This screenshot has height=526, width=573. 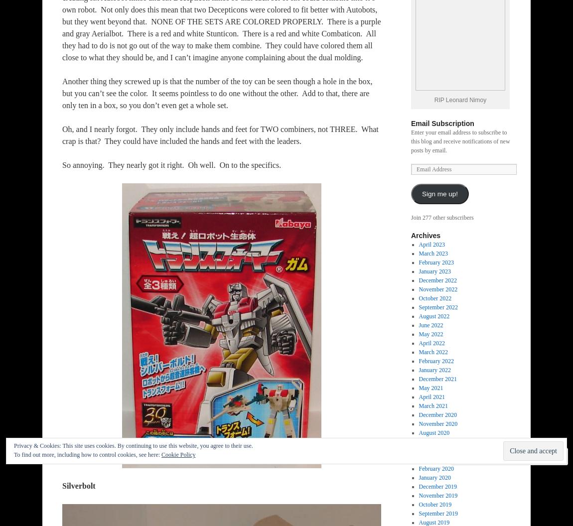 I want to click on 'RIP Leonard Nimoy', so click(x=434, y=99).